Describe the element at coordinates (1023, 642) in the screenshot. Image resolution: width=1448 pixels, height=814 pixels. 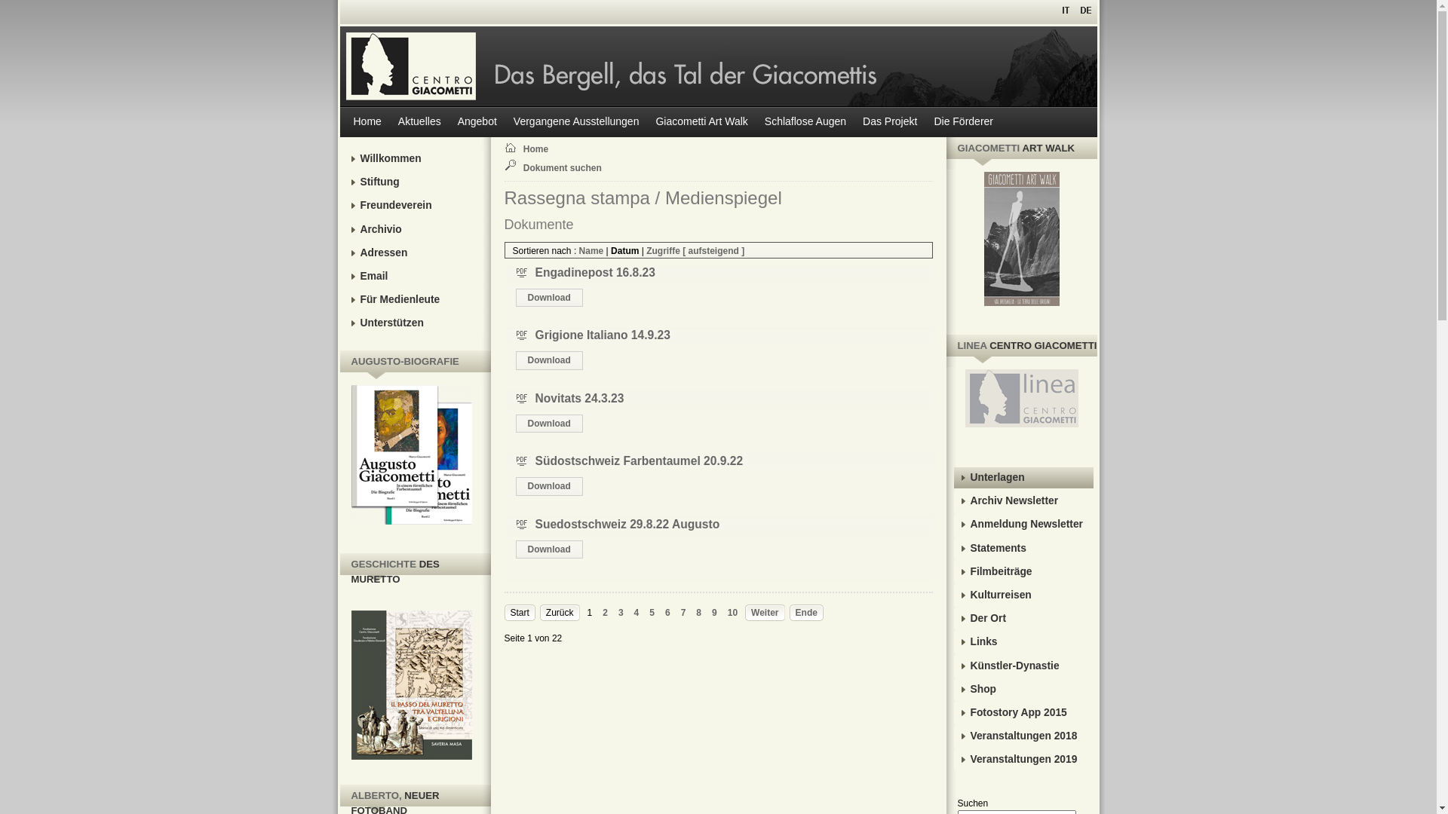
I see `'Links'` at that location.